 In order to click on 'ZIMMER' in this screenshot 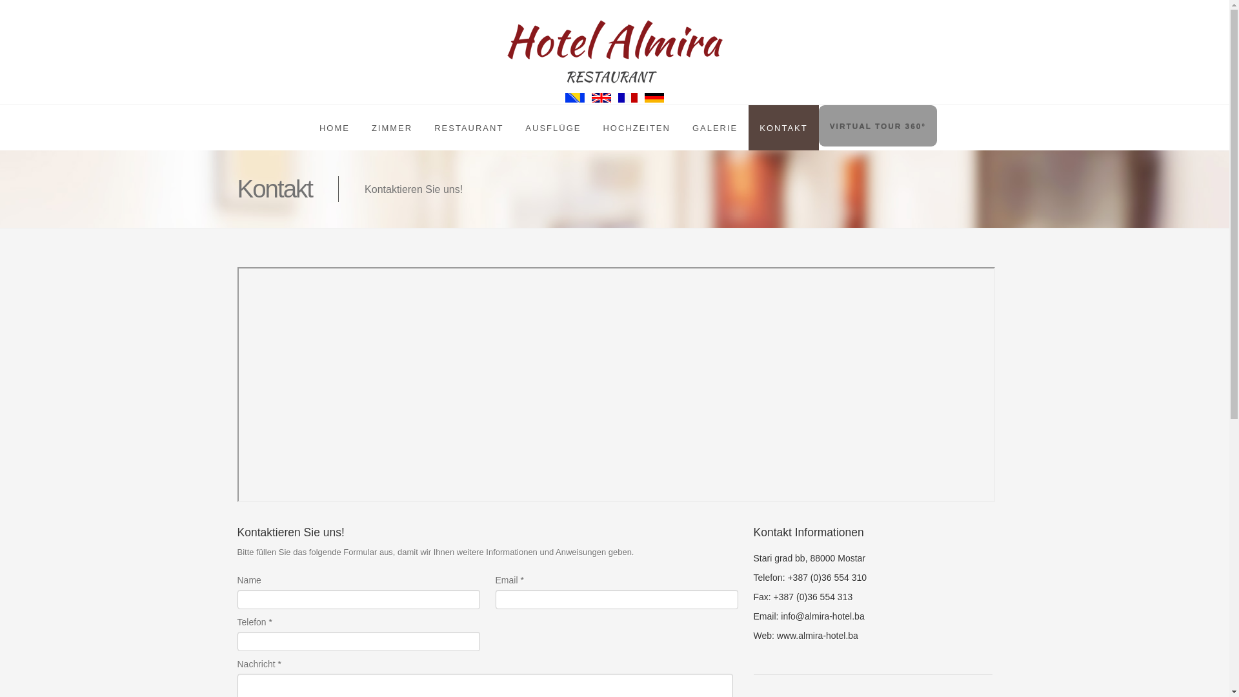, I will do `click(391, 127)`.